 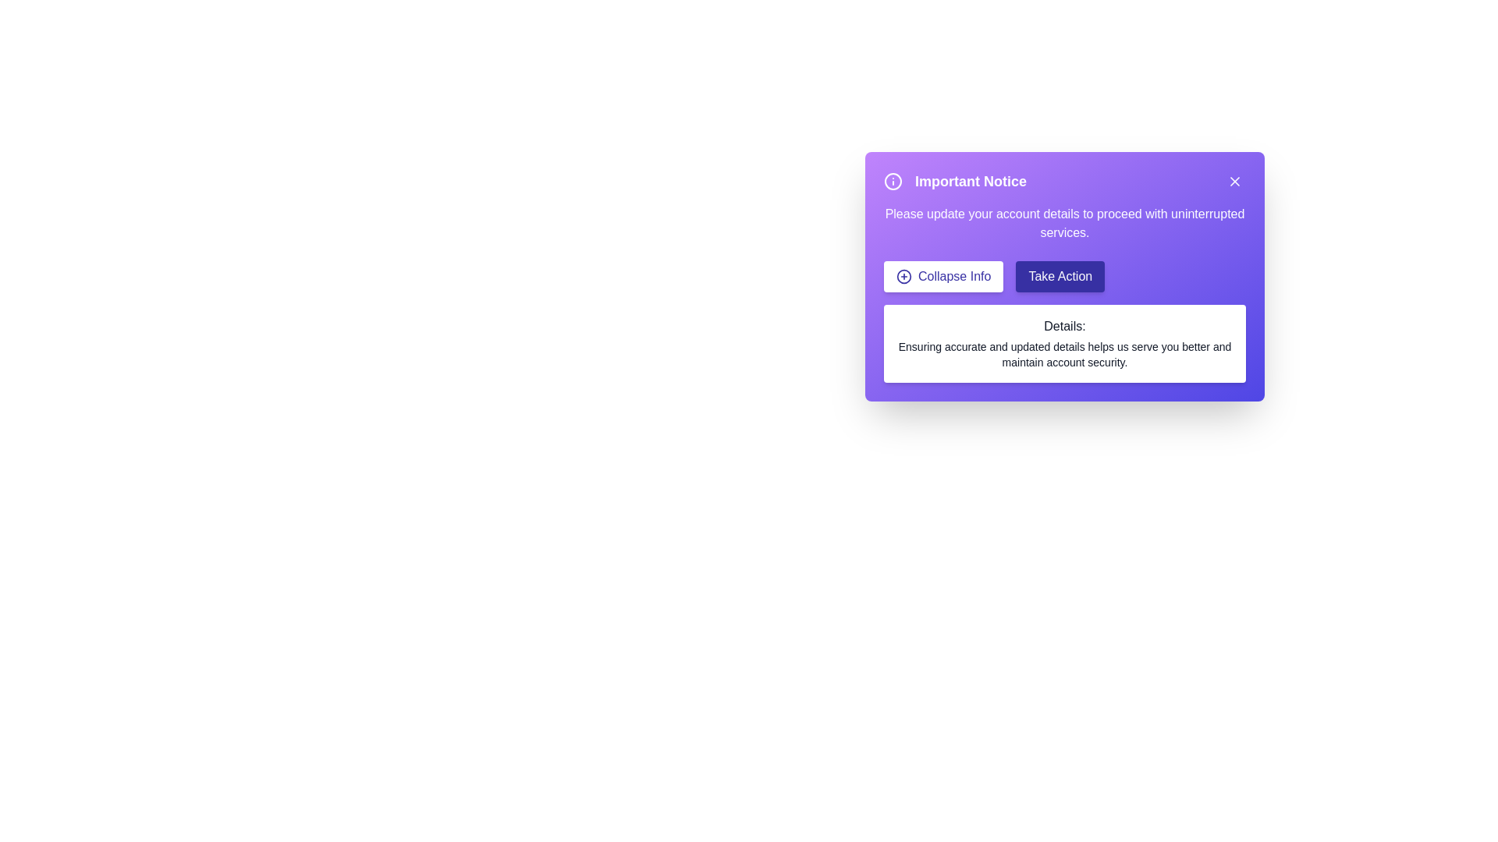 What do you see at coordinates (942, 275) in the screenshot?
I see `the 'Collapse Info' button to toggle the detailed information section` at bounding box center [942, 275].